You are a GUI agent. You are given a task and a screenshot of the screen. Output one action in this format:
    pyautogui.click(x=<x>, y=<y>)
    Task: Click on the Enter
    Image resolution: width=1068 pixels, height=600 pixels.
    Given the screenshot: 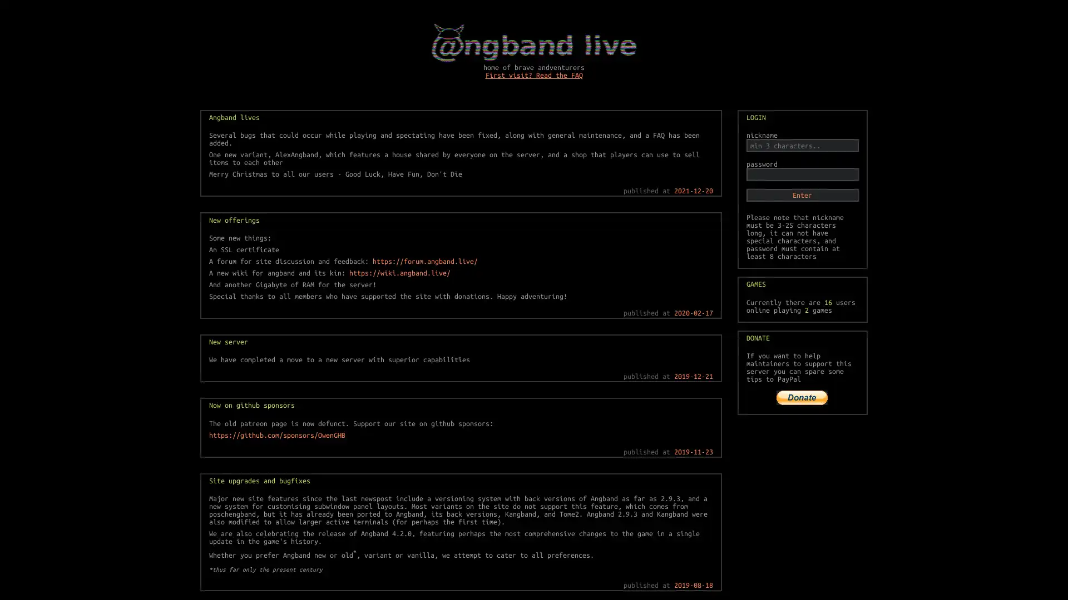 What is the action you would take?
    pyautogui.click(x=802, y=194)
    